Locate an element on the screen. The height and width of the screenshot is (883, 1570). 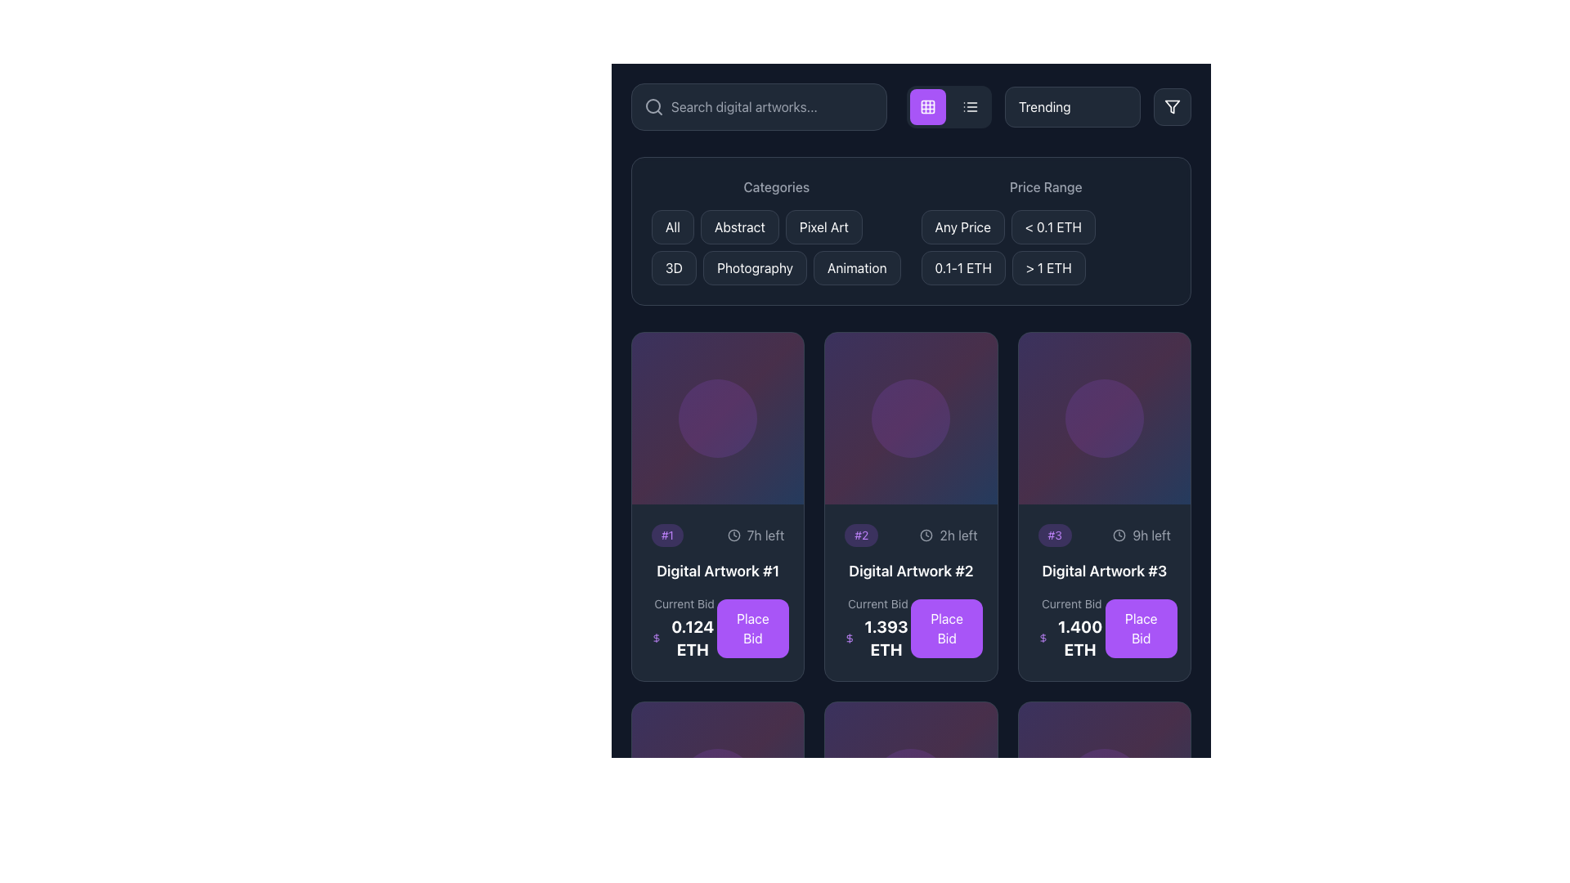
the square-shaped button with rounded corners and a purple background that features a grid icon is located at coordinates (927, 107).